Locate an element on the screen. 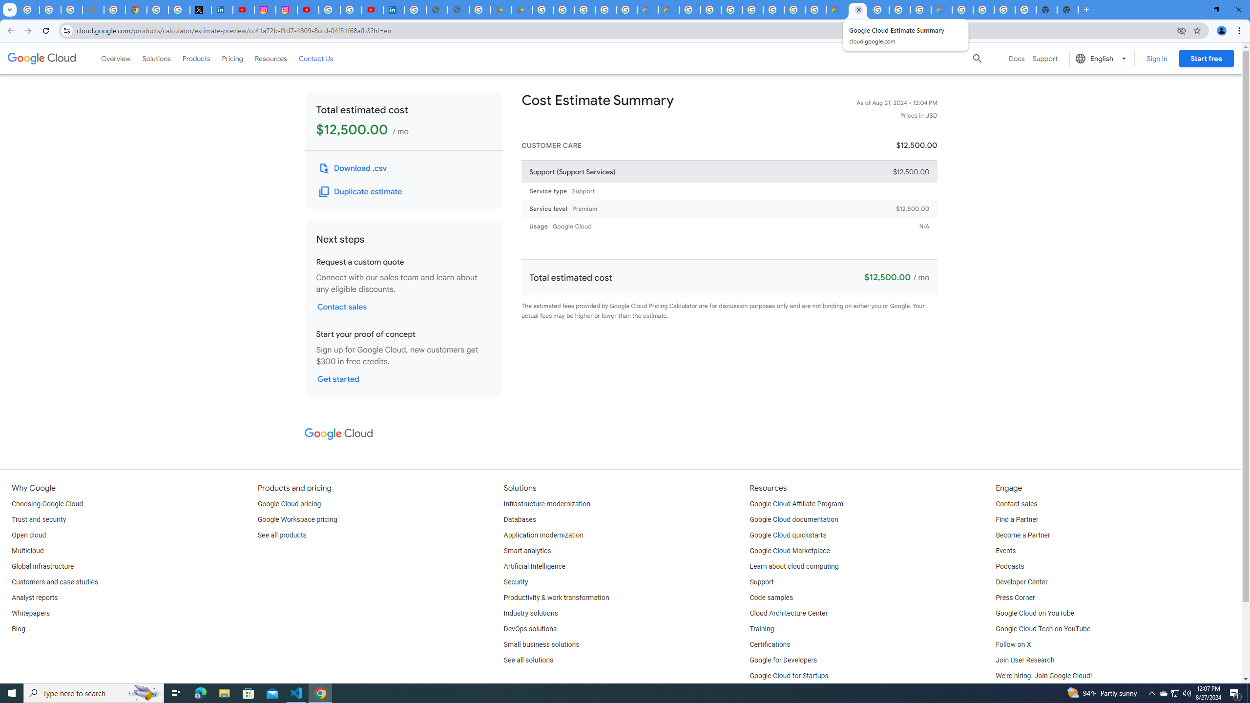  'Privacy Help Center - Policies Help' is located at coordinates (115, 9).